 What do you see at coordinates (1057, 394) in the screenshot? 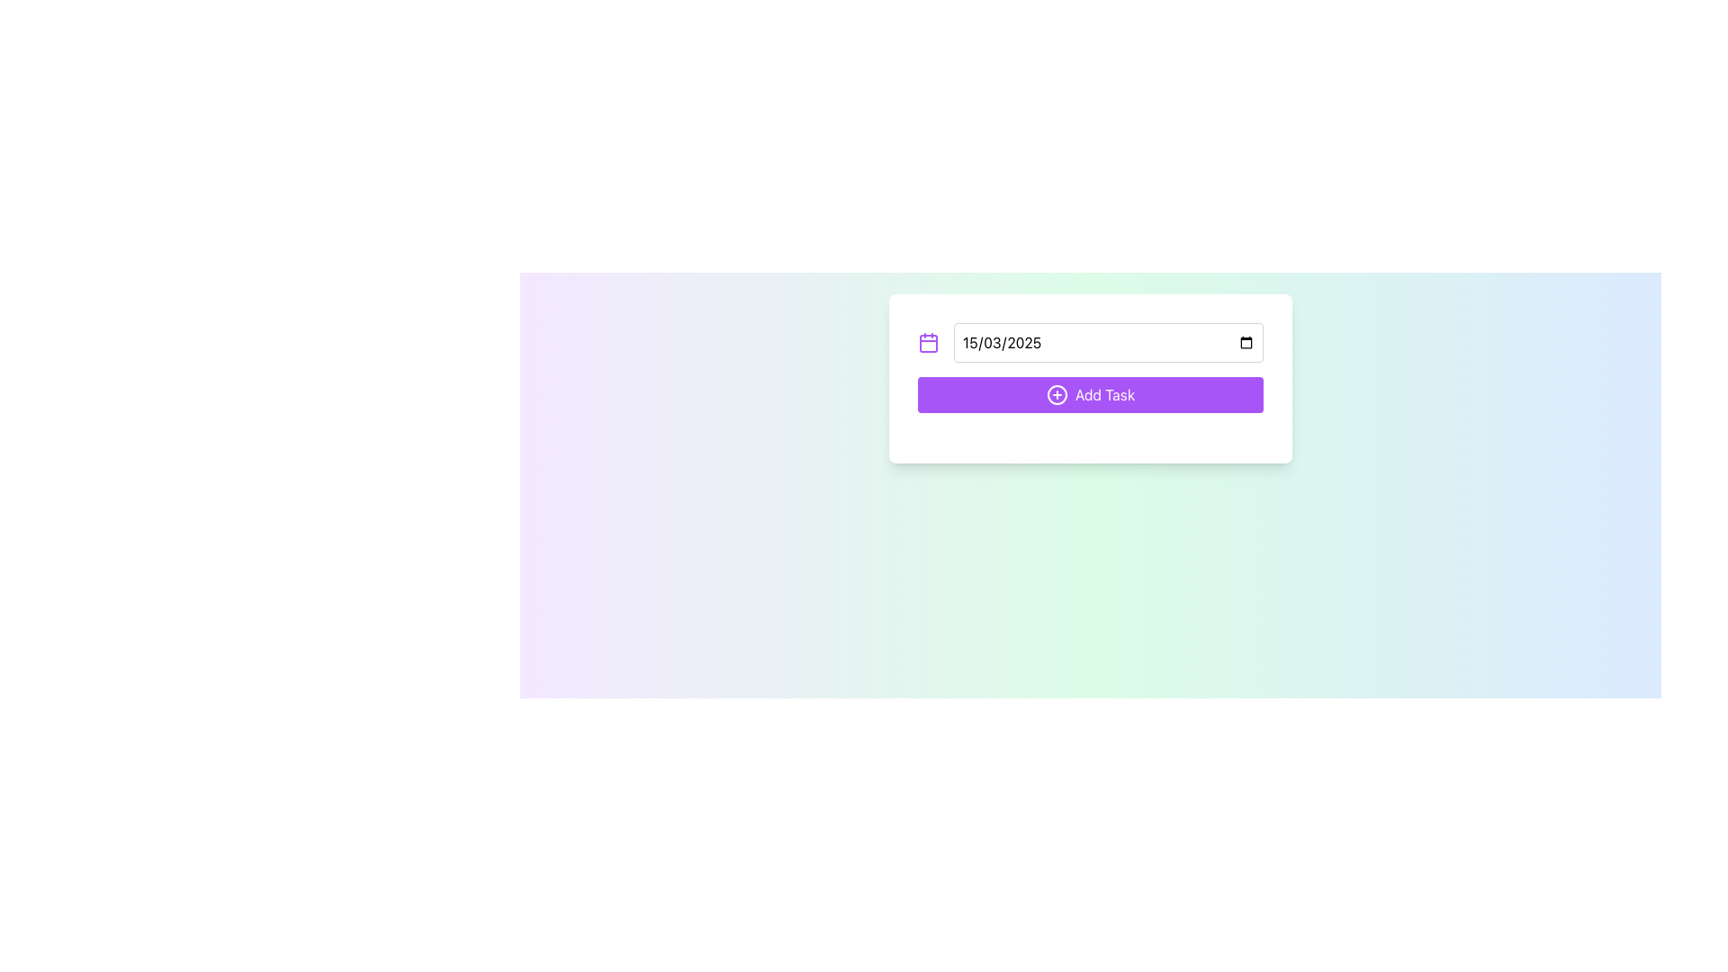
I see `the central circular stroke of the SVG icon located inside the 'Add Task' button` at bounding box center [1057, 394].